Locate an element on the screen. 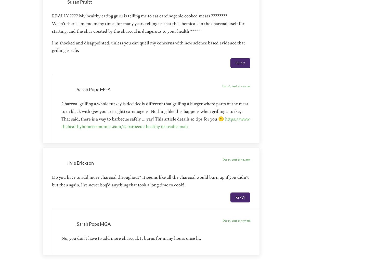 This screenshot has height=265, width=391. 'Dec 16, 2018 at 1:10 pm' is located at coordinates (236, 86).